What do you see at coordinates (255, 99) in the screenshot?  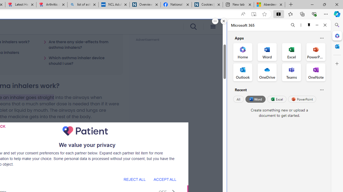 I see `'Word'` at bounding box center [255, 99].